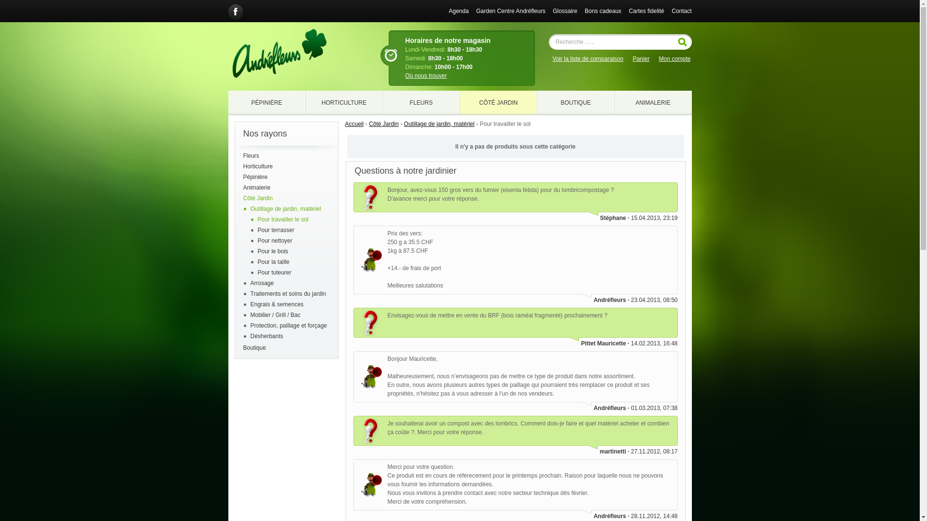 The width and height of the screenshot is (927, 521). What do you see at coordinates (658, 59) in the screenshot?
I see `'Mon compte'` at bounding box center [658, 59].